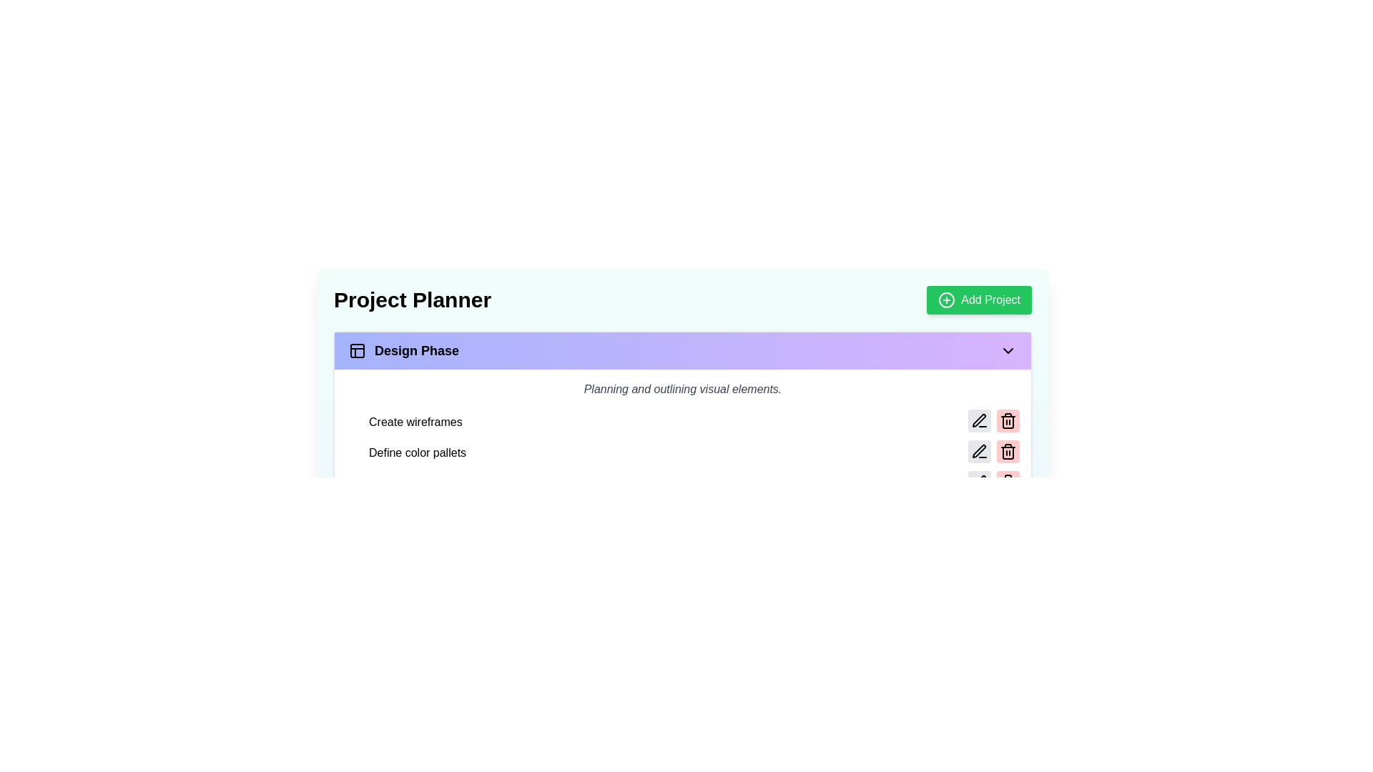 Image resolution: width=1373 pixels, height=772 pixels. Describe the element at coordinates (411, 300) in the screenshot. I see `the bold text label reading 'Project Planner' located at the top-left section of the interface, which indicates its importance as a title or heading` at that location.